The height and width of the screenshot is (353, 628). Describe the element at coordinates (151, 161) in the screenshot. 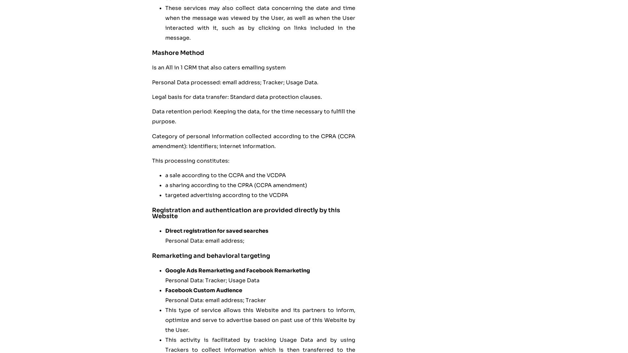

I see `'This processing constitutes:'` at that location.